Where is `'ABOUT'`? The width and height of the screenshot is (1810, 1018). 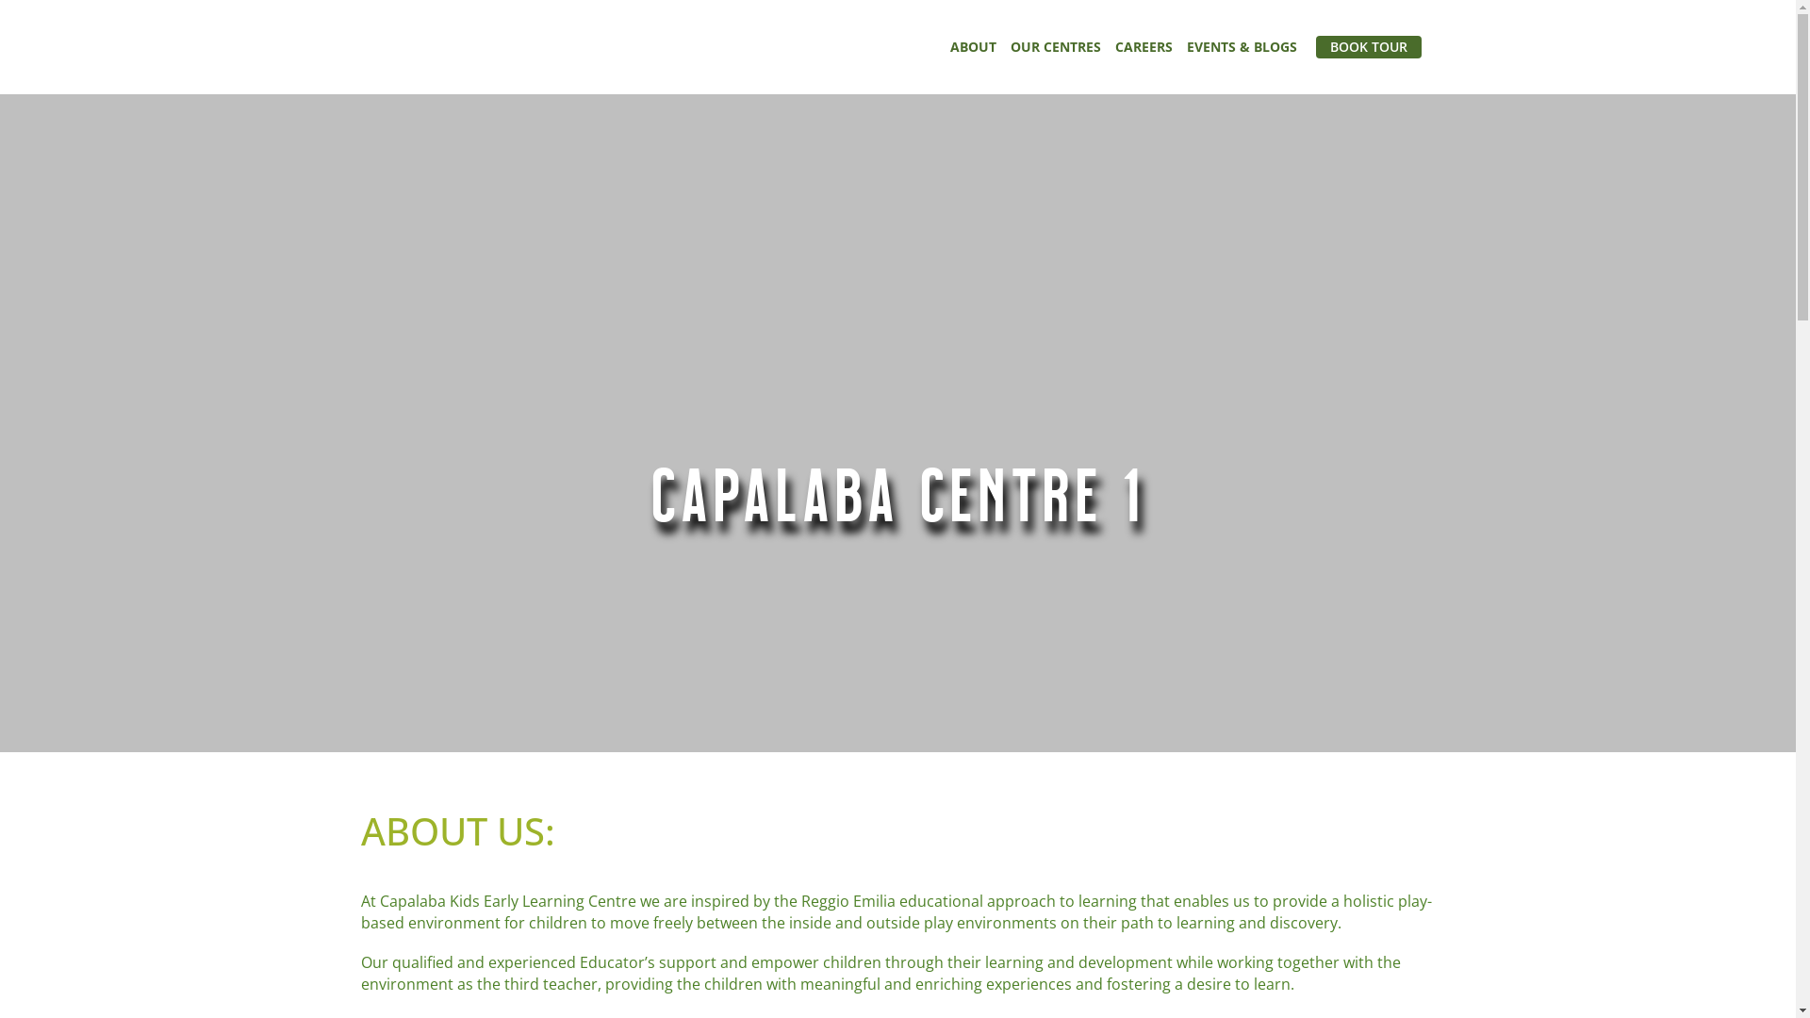
'ABOUT' is located at coordinates (973, 46).